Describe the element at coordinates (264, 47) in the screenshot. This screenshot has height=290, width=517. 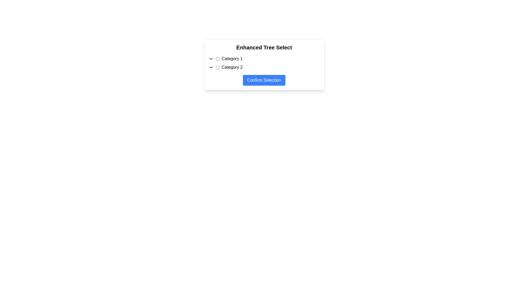
I see `the text label displaying 'Enhanced Tree Select', which is positioned at the top of its card-like component` at that location.